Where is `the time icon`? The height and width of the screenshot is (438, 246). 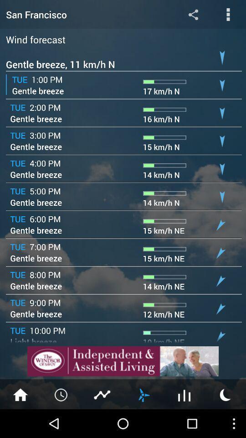 the time icon is located at coordinates (61, 422).